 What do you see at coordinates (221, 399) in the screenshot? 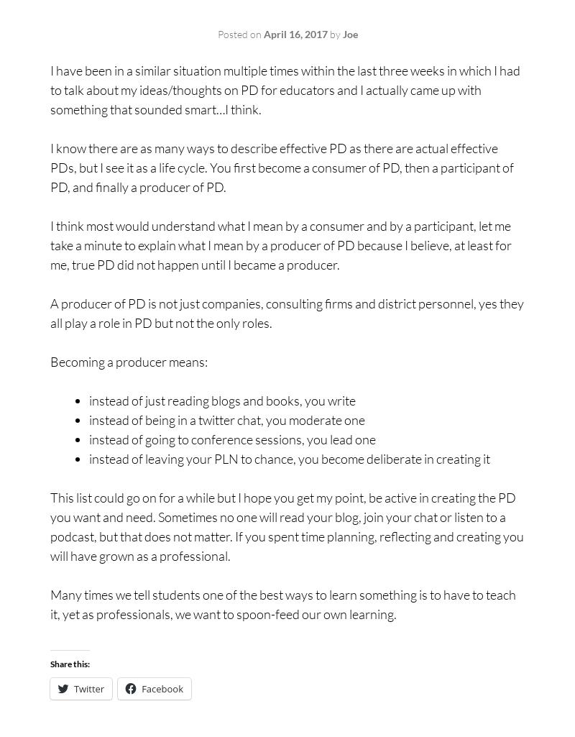
I see `'instead of just reading blogs and books, you write'` at bounding box center [221, 399].